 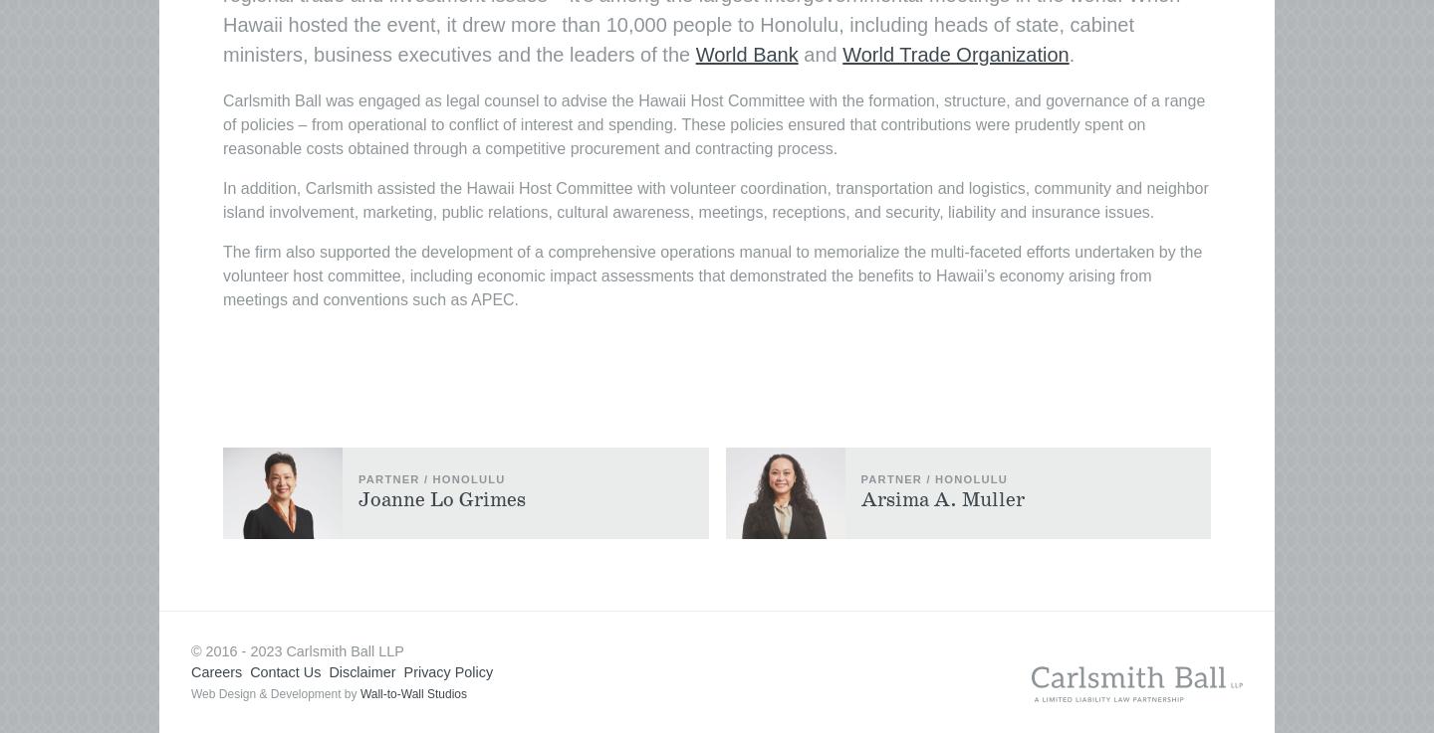 I want to click on 'Privacy Policy', so click(x=401, y=670).